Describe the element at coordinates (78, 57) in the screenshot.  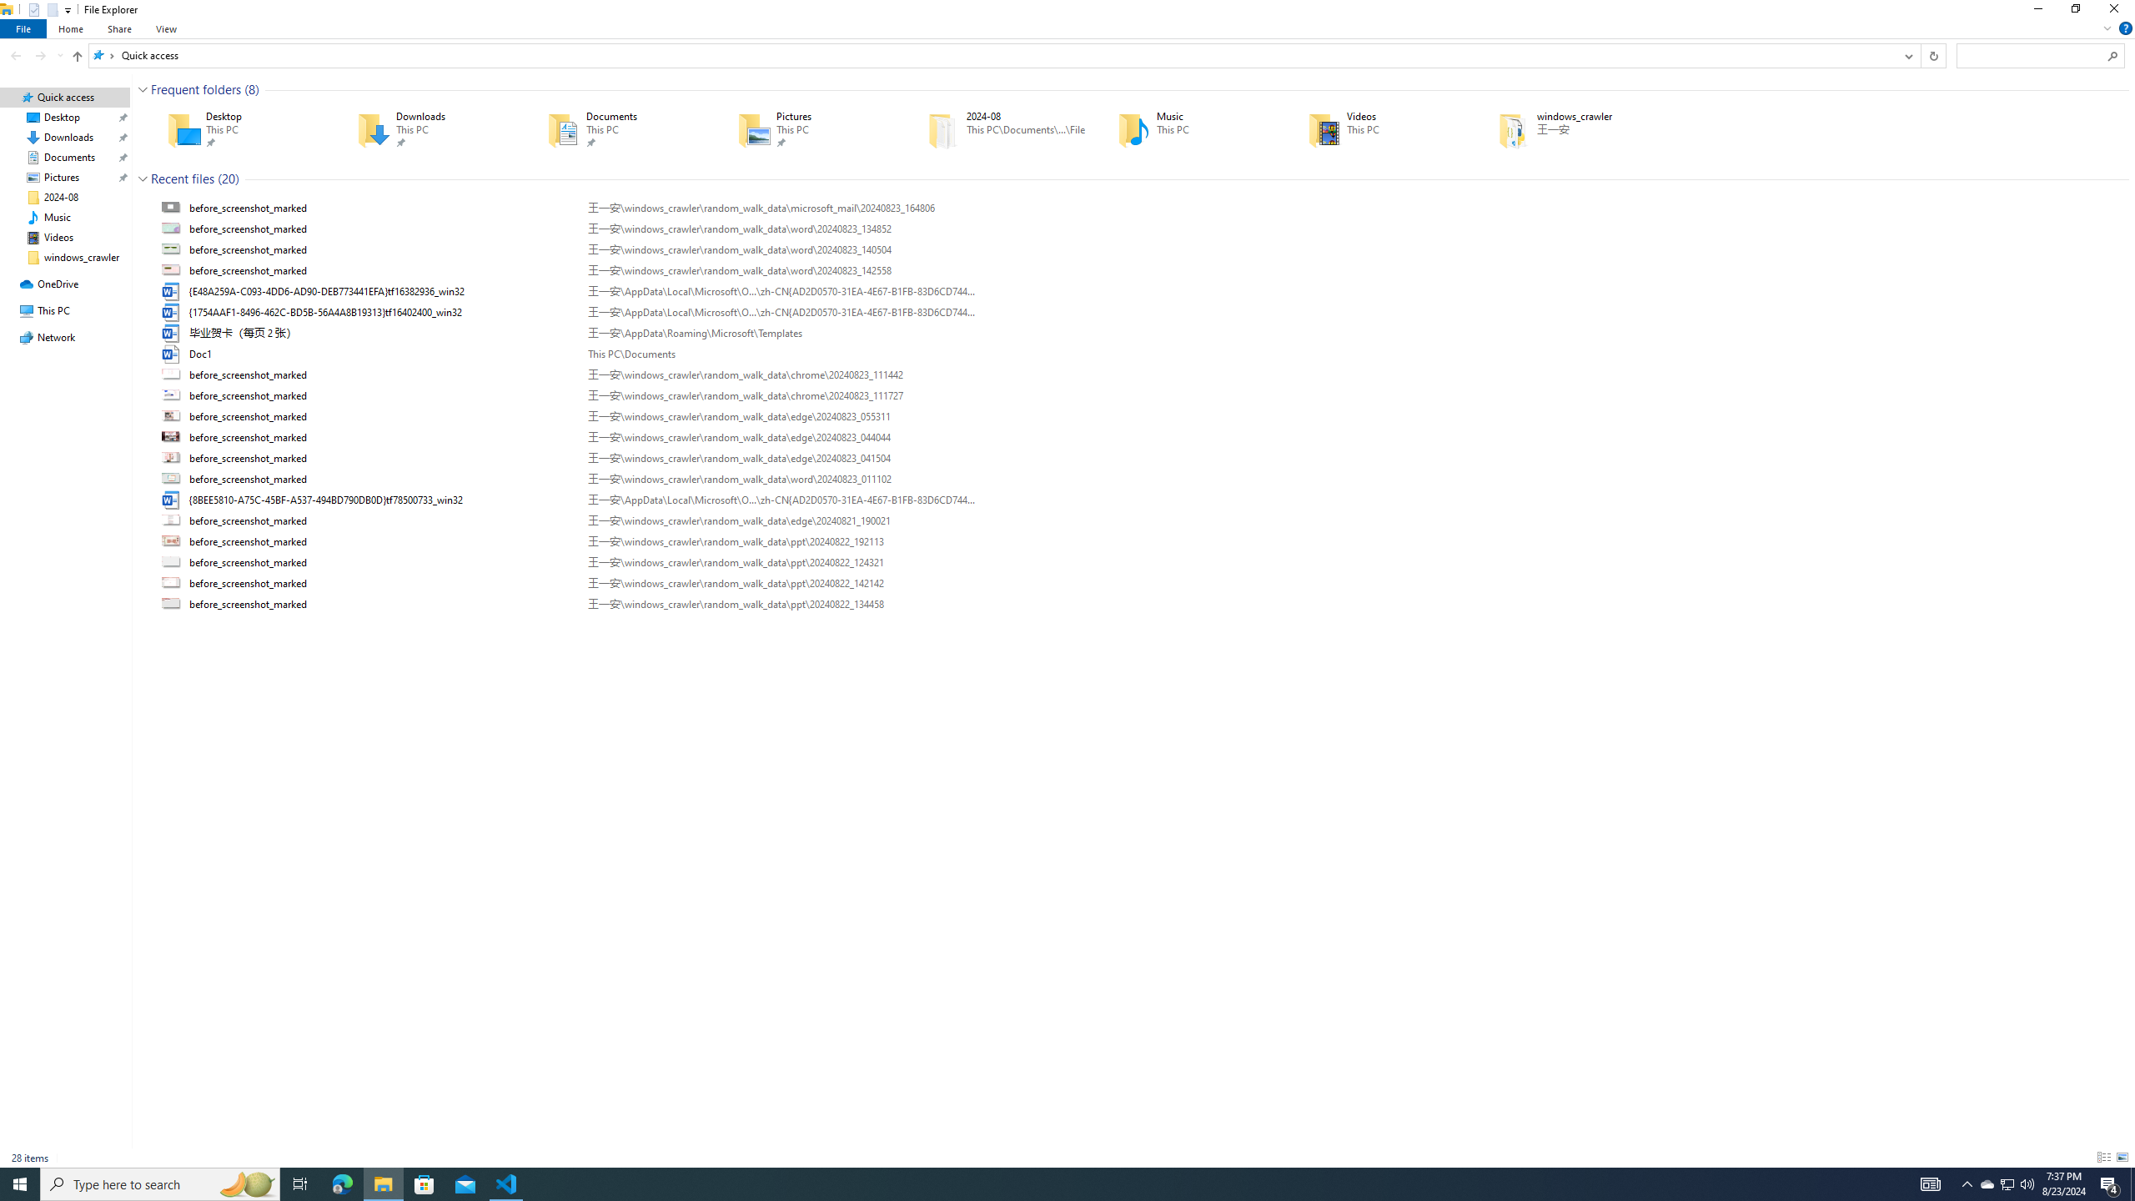
I see `'Up to "Desktop" (Alt + Up Arrow)'` at that location.